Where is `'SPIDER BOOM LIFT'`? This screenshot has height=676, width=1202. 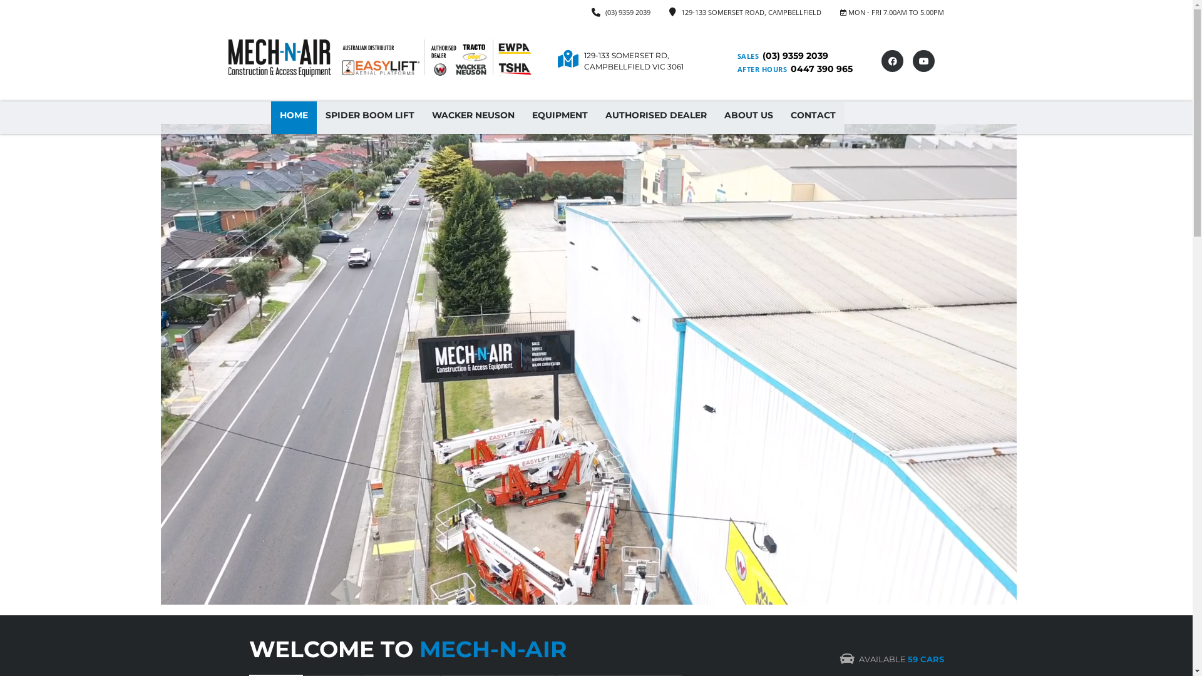
'SPIDER BOOM LIFT' is located at coordinates (369, 118).